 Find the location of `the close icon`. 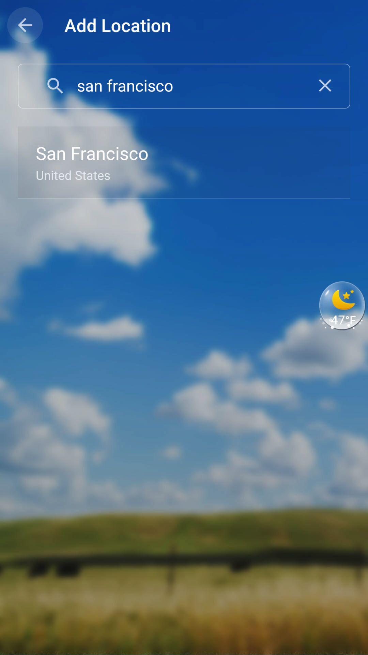

the close icon is located at coordinates (324, 85).